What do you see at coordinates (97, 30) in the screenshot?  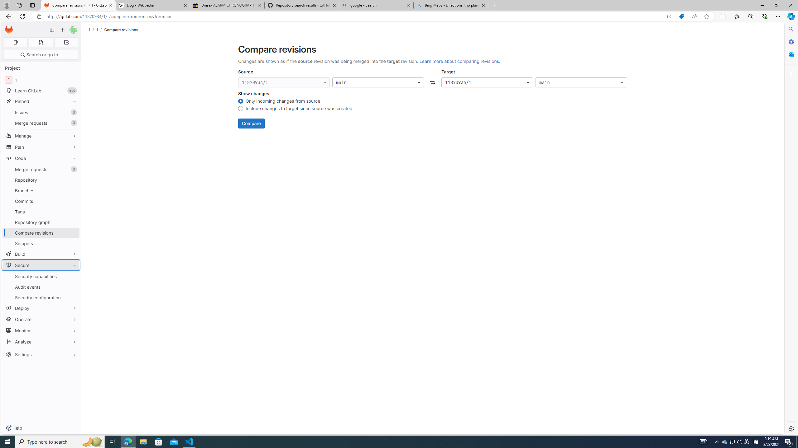 I see `'1'` at bounding box center [97, 30].